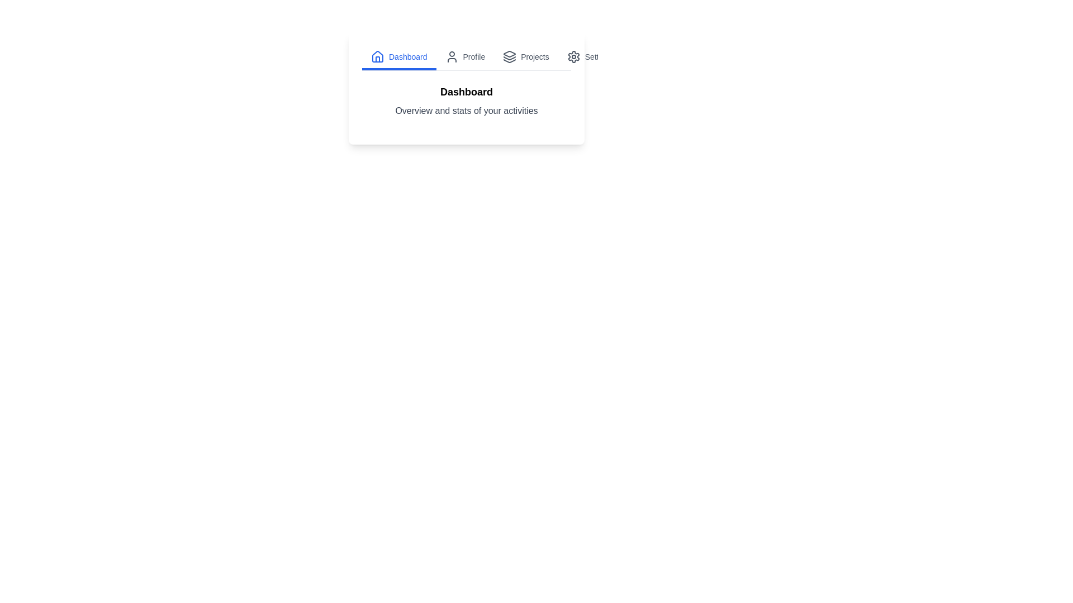 This screenshot has width=1073, height=603. What do you see at coordinates (509, 56) in the screenshot?
I see `the icon of the Projects tab` at bounding box center [509, 56].